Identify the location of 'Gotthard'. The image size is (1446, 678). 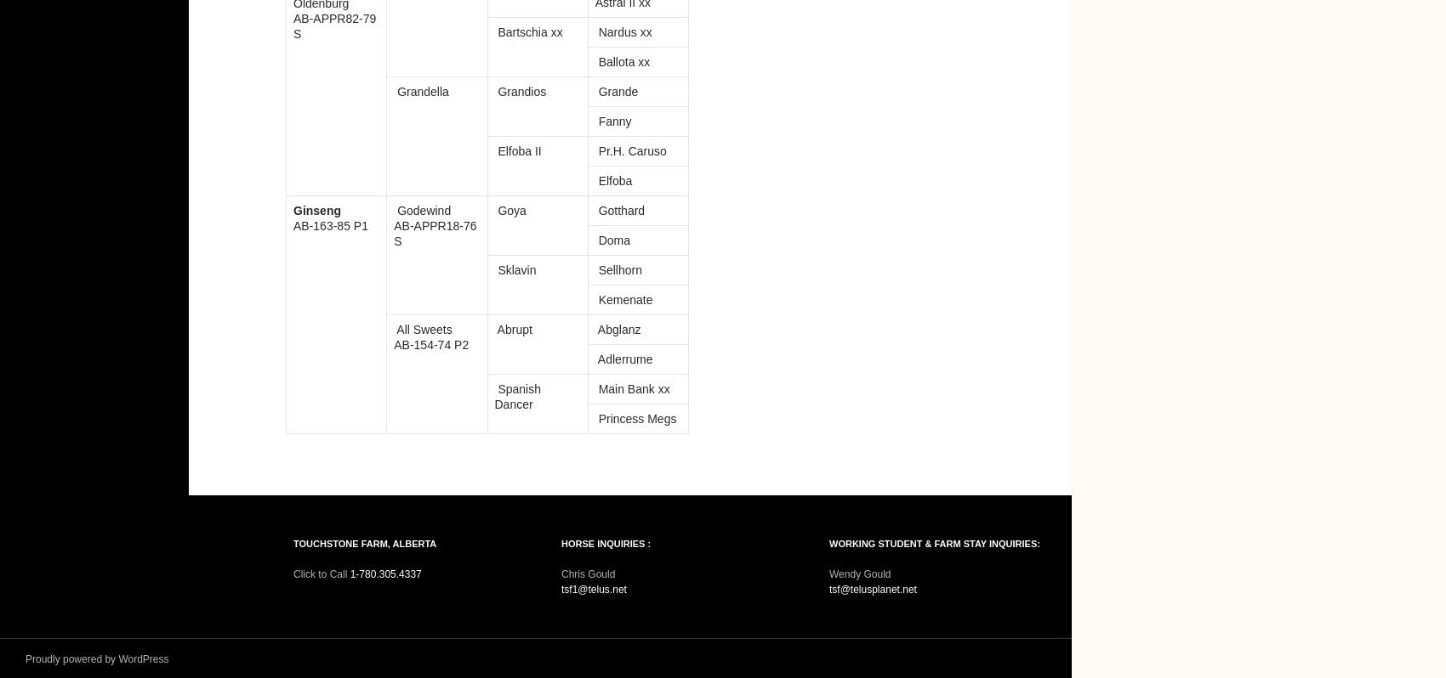
(595, 210).